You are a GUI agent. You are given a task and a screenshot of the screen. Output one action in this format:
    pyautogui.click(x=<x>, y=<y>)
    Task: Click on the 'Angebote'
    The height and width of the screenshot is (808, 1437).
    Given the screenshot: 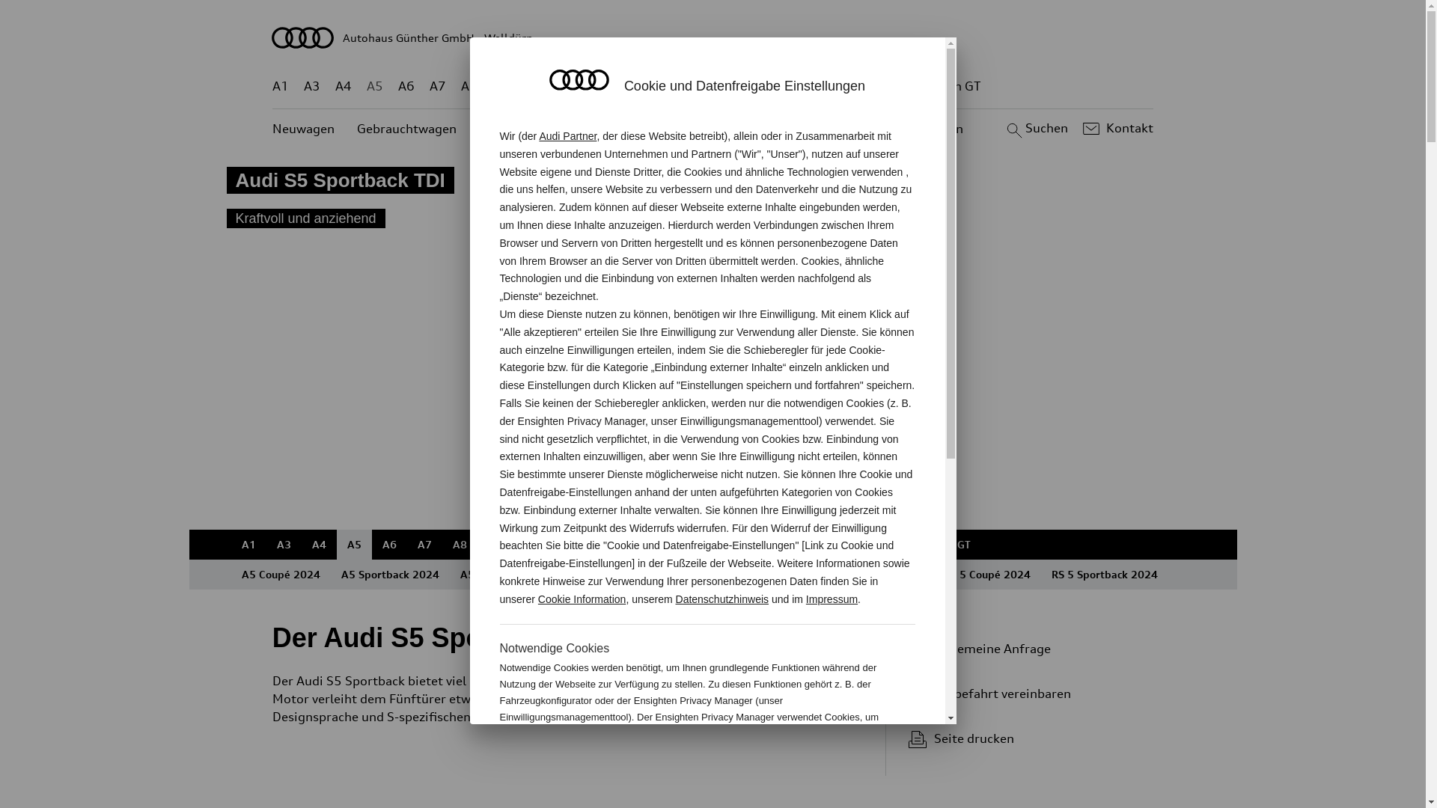 What is the action you would take?
    pyautogui.click(x=599, y=128)
    